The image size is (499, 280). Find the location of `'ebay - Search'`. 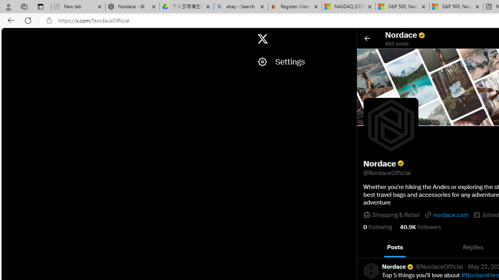

'ebay - Search' is located at coordinates (241, 7).